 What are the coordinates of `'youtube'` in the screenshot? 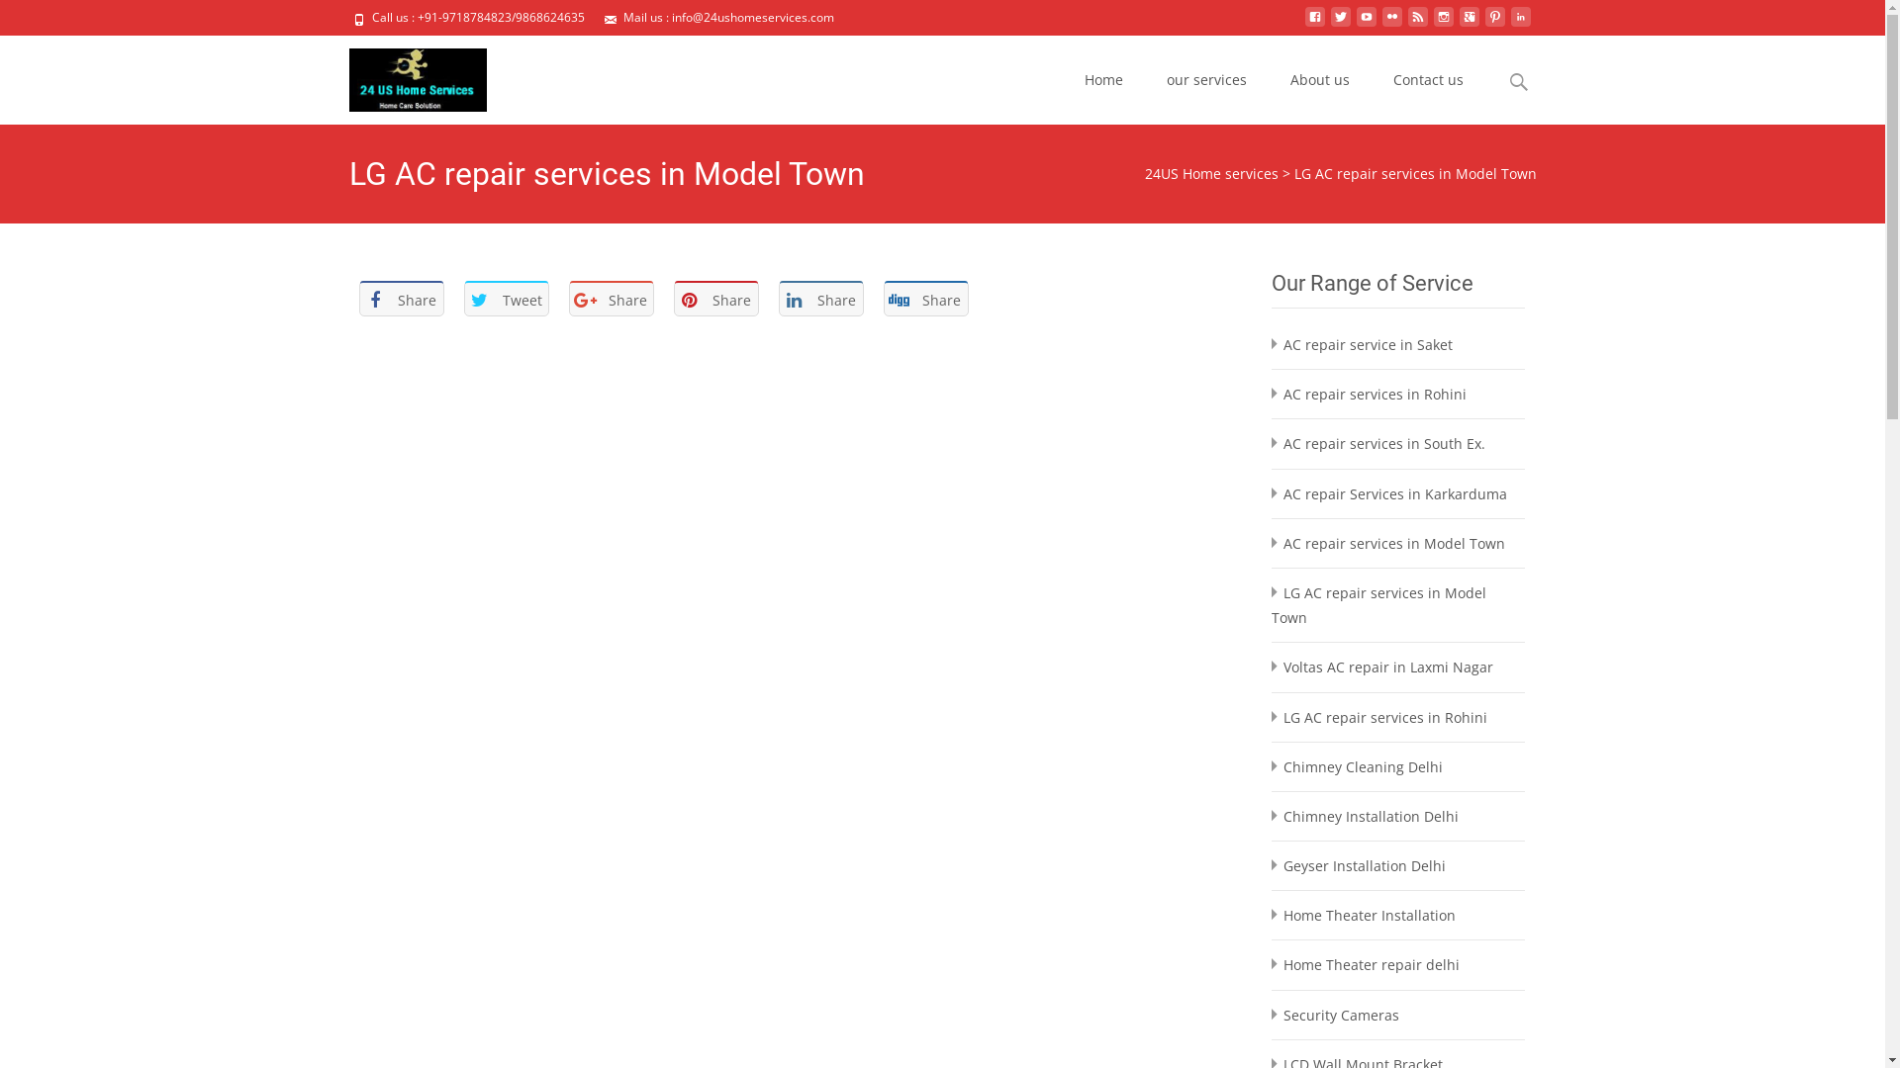 It's located at (1365, 24).